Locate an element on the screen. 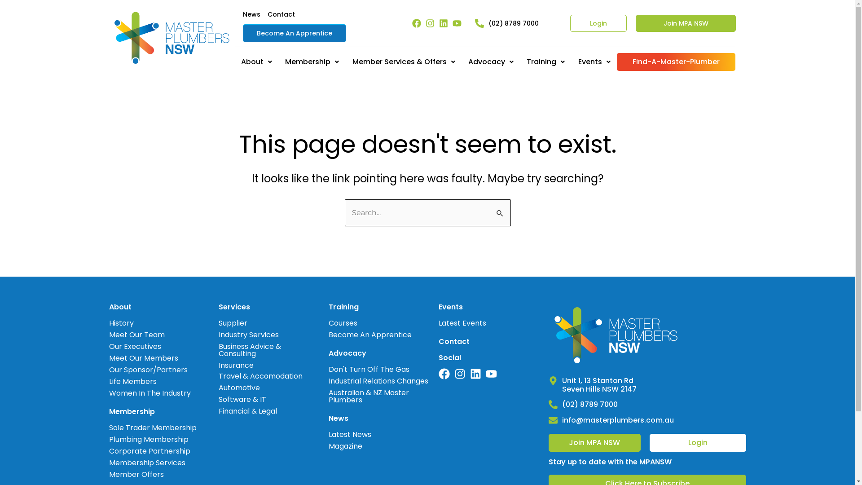  'info@masterplumbers.com.au' is located at coordinates (617, 420).